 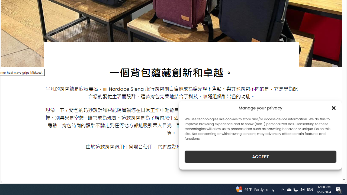 I want to click on 'ACCEPT', so click(x=261, y=157).